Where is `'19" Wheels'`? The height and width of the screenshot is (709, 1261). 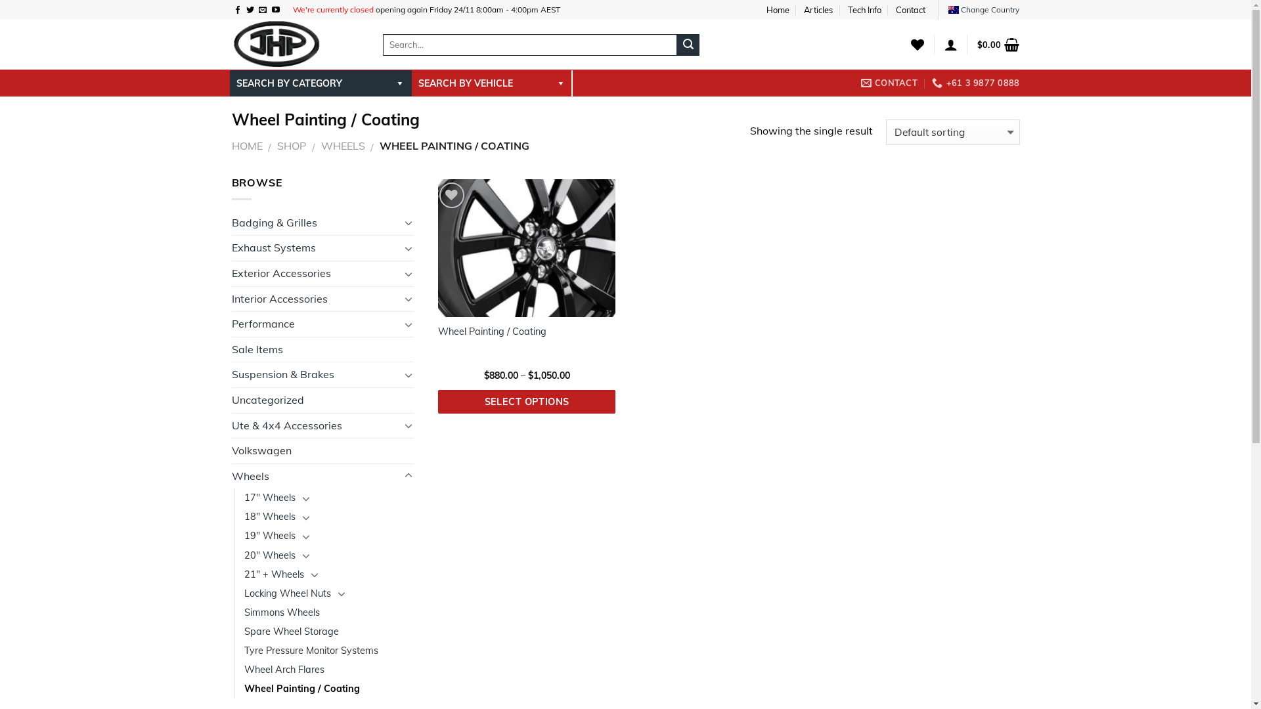 '19" Wheels' is located at coordinates (269, 536).